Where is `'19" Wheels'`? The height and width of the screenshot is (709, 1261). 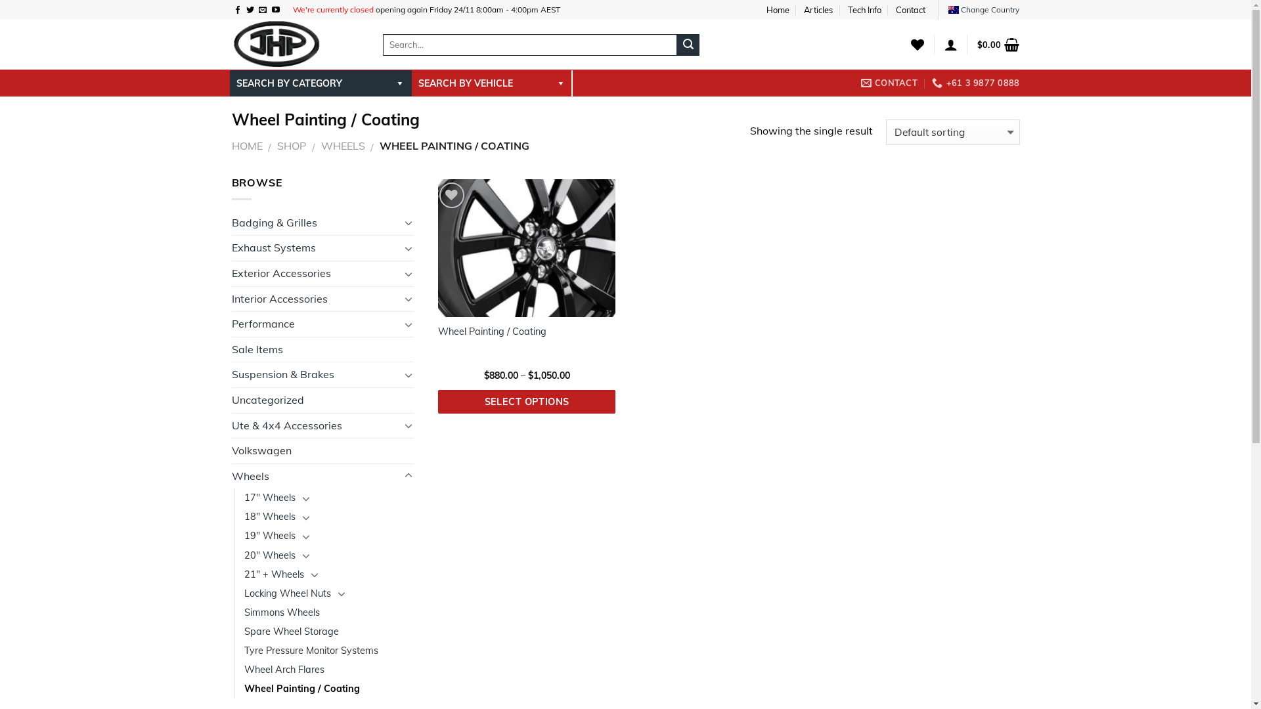 '19" Wheels' is located at coordinates (269, 536).